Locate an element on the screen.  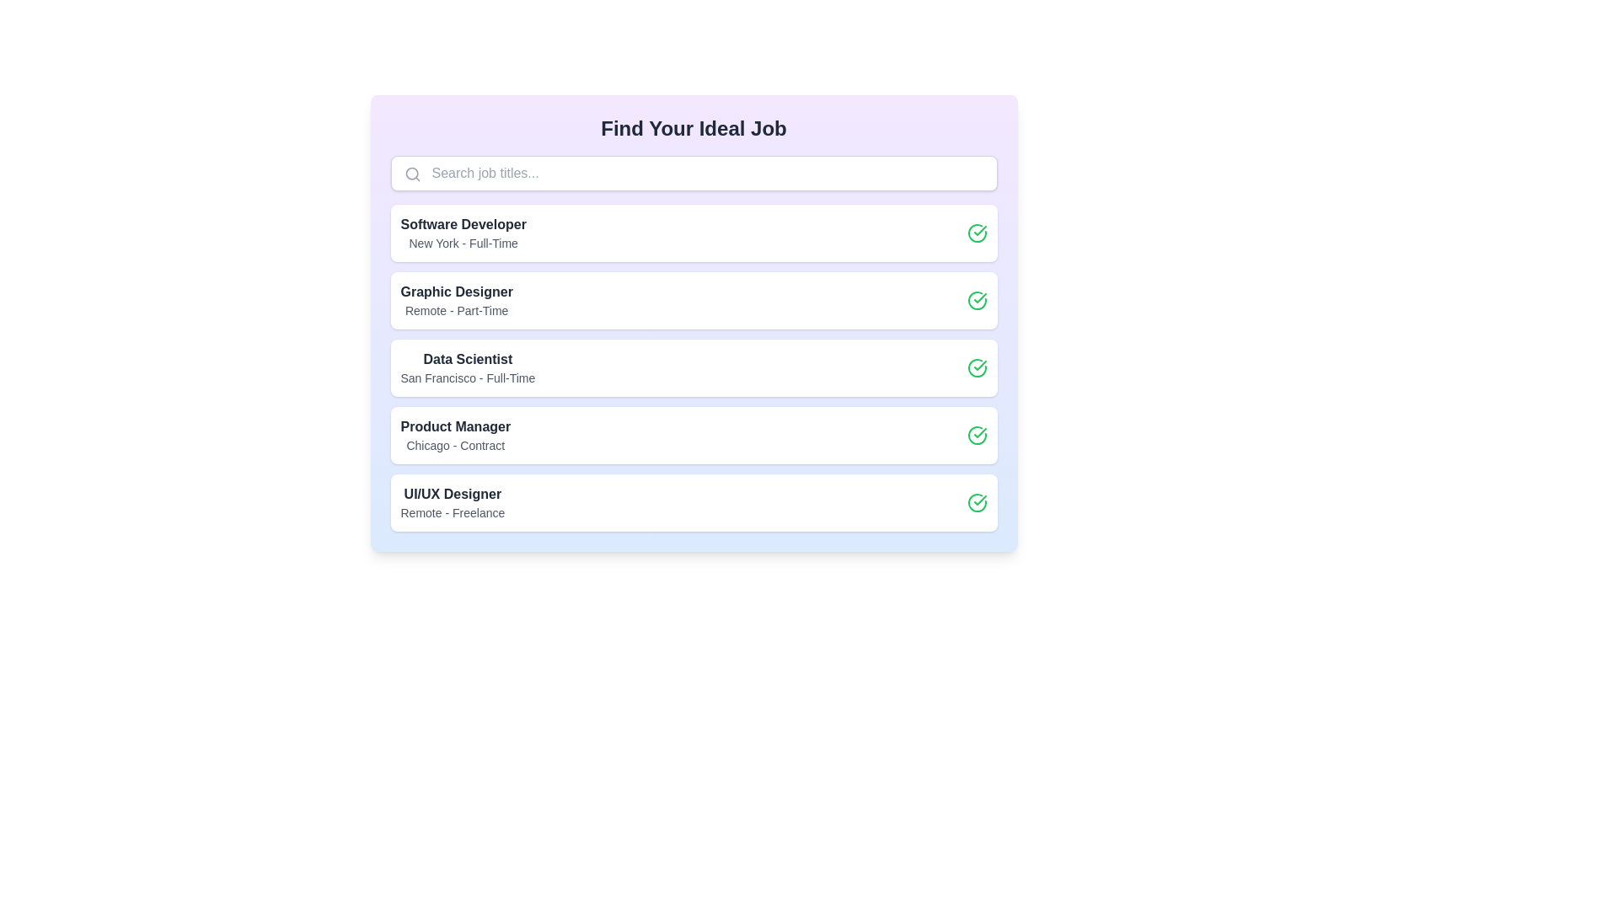
the text label representing the job title 'Product Manager' located in the third entry of the job board interface is located at coordinates (455, 426).